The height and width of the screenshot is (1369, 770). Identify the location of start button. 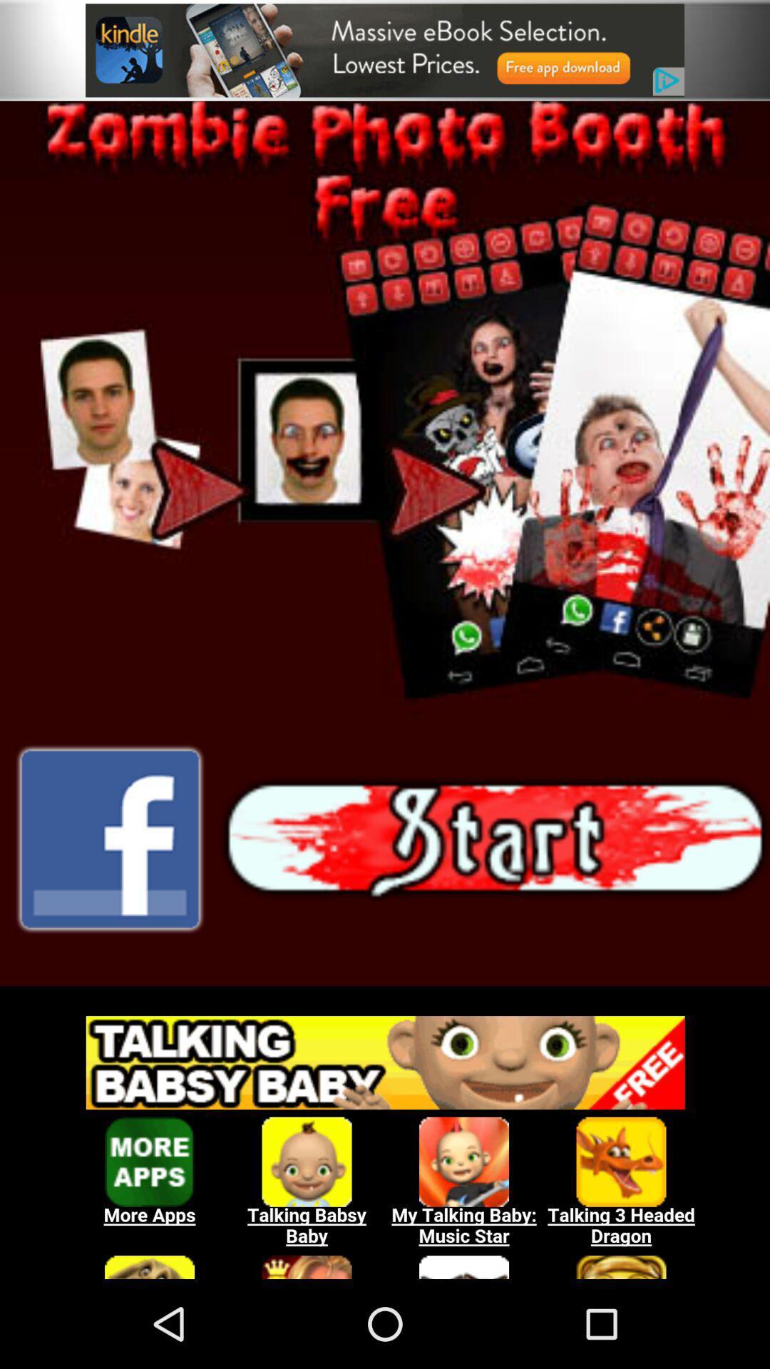
(494, 839).